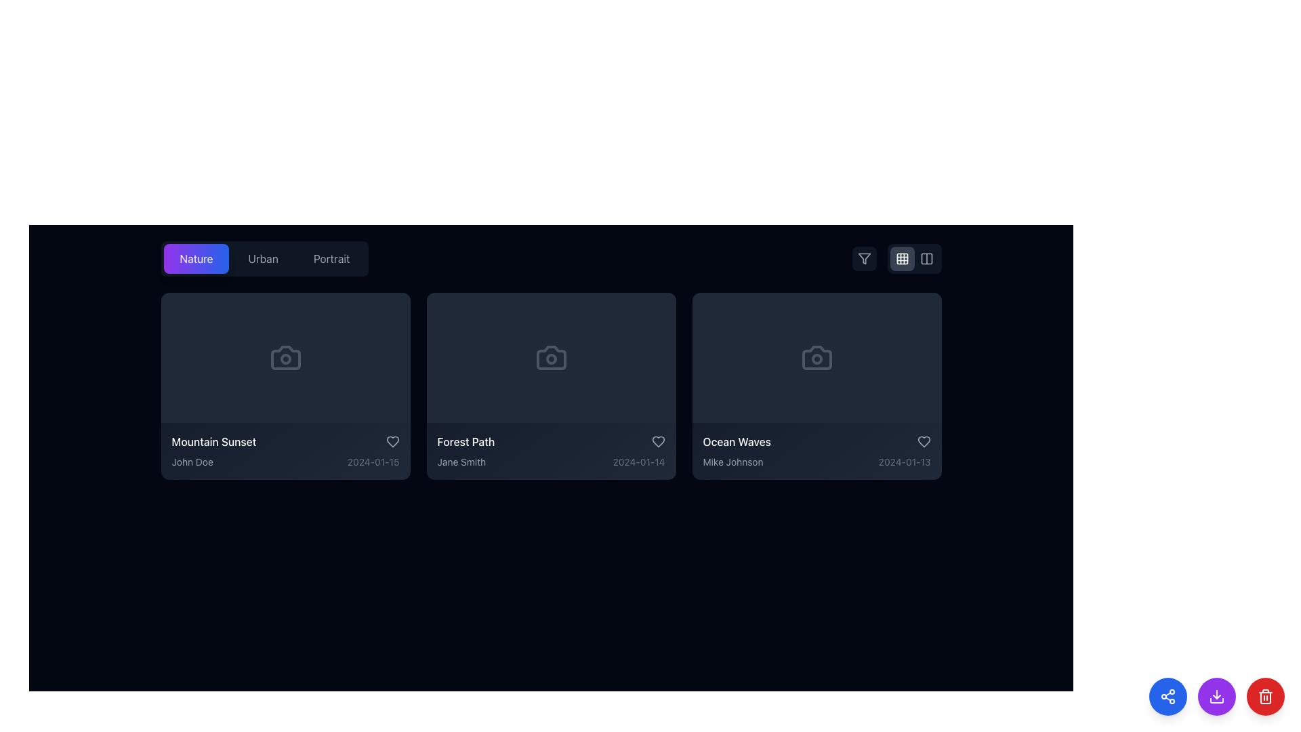  Describe the element at coordinates (816, 357) in the screenshot. I see `the visual placeholder or media icon with a dark gray background and a centered minimalistic camera icon, located in the third item of the list under the title 'Ocean Waves'` at that location.